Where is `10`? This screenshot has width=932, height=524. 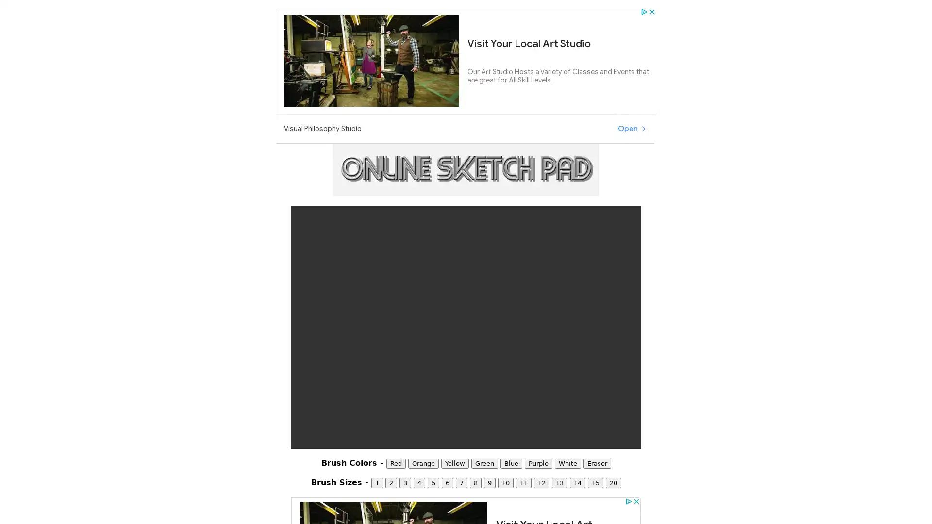
10 is located at coordinates (505, 483).